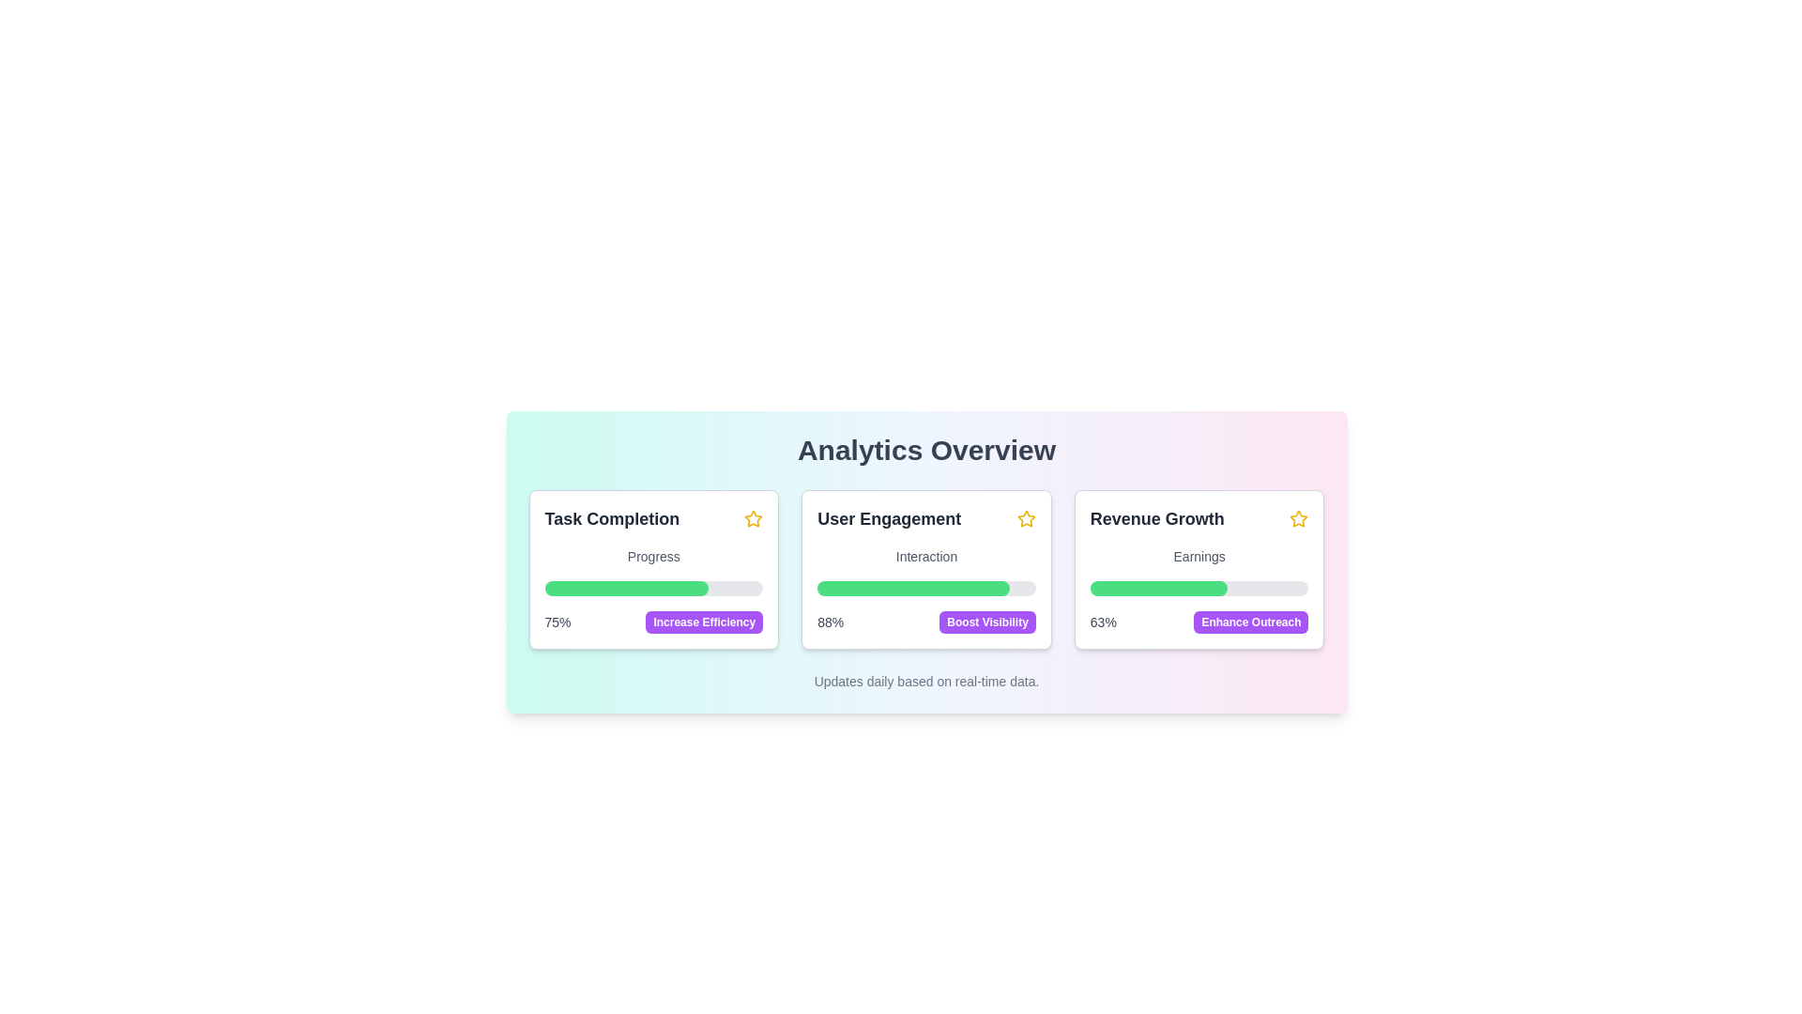 The width and height of the screenshot is (1802, 1014). Describe the element at coordinates (653, 622) in the screenshot. I see `the 'Increase Efficiency' button located to the right of the '75%' text label at the bottom of the 'Task Completion' card in the Analytics Overview section` at that location.